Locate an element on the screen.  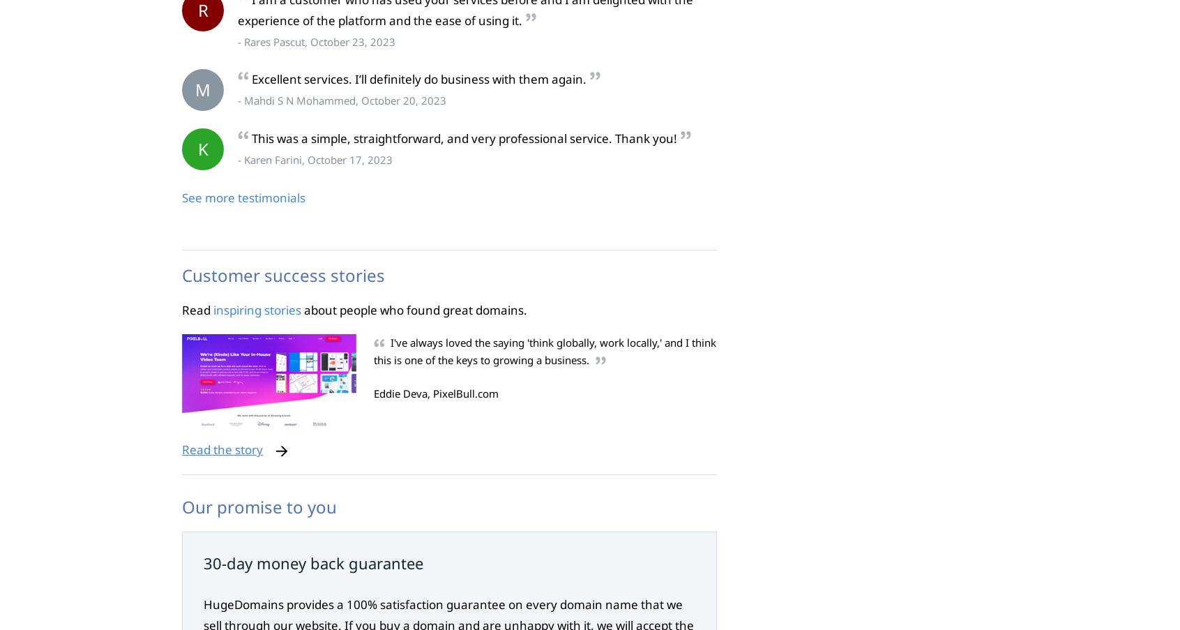
'See more testimonials' is located at coordinates (182, 197).